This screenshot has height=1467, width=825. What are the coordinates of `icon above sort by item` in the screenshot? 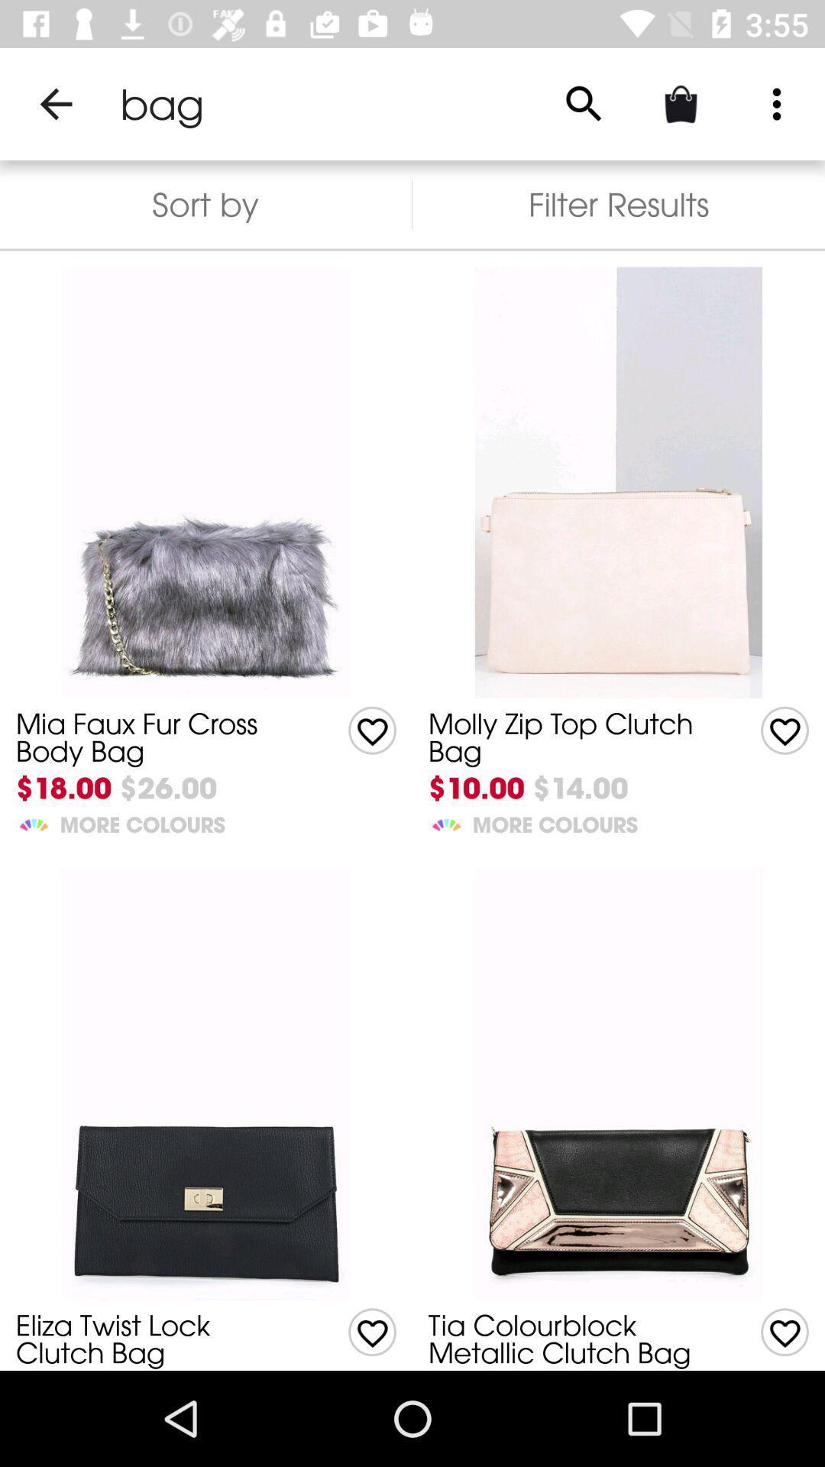 It's located at (55, 103).